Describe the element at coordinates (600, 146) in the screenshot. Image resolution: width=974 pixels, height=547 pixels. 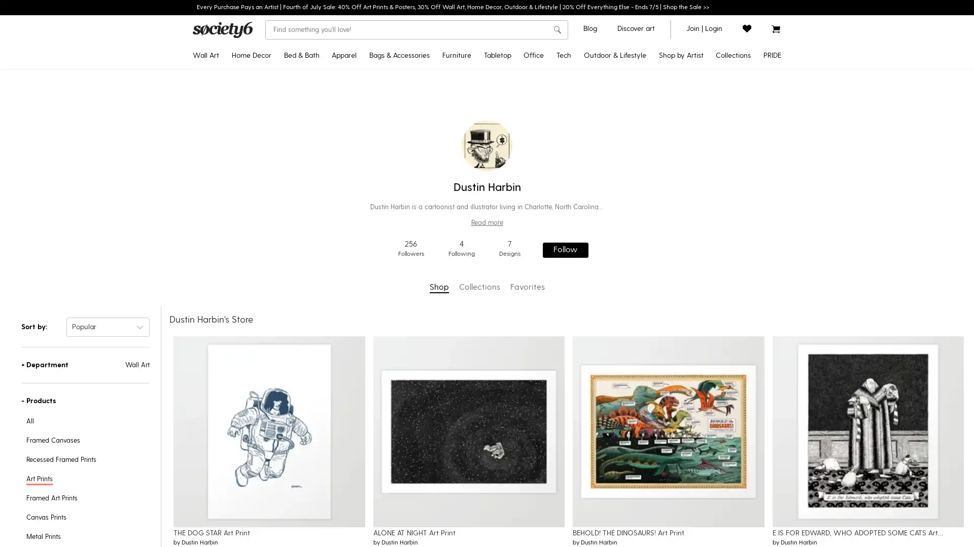
I see `iPhone Card Cases` at that location.